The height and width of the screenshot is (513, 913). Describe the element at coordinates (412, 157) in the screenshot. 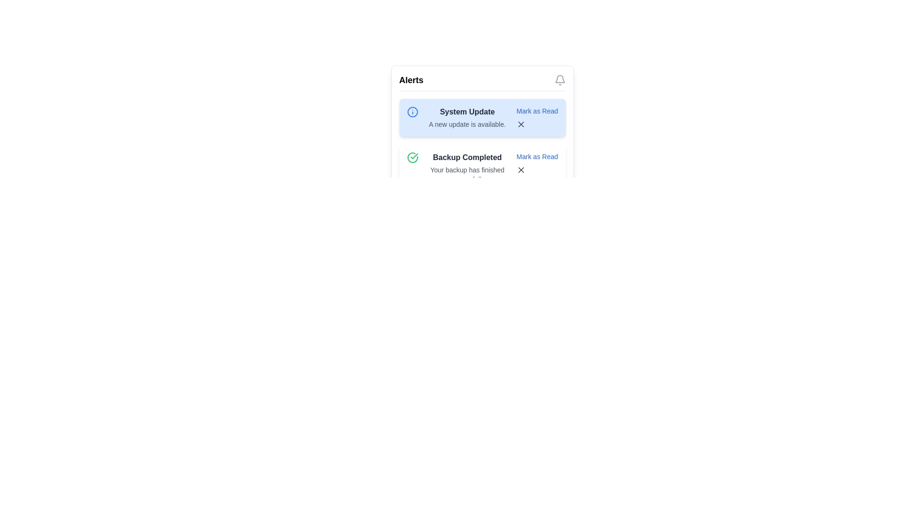

I see `the green circular icon with a check mark inside, indicating a completed or success state, located near the left margin of the 'Backup Completed' notification` at that location.